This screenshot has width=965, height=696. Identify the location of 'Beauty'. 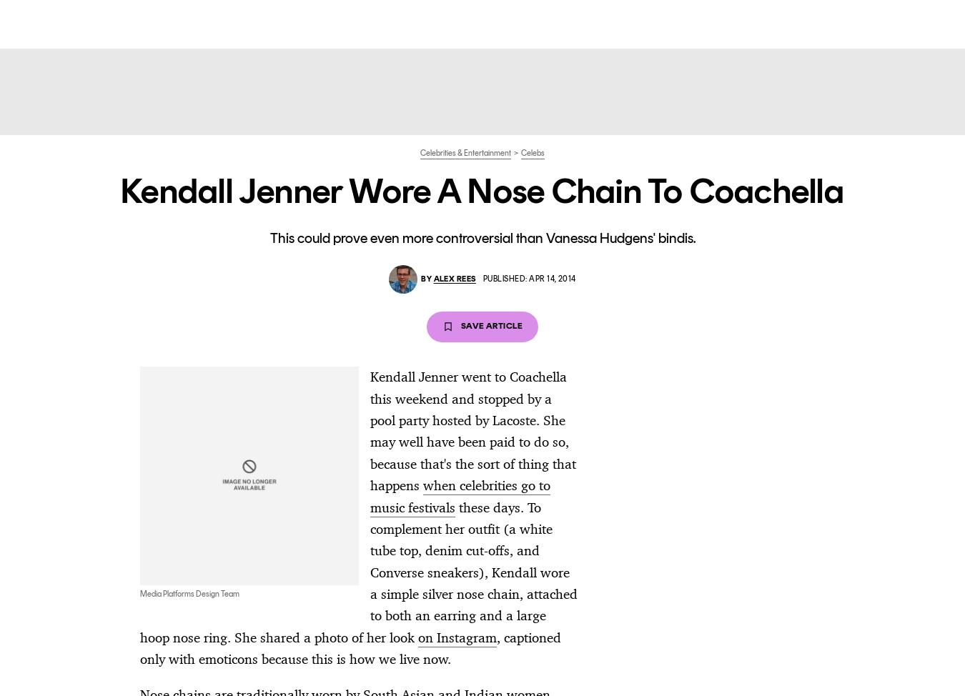
(440, 23).